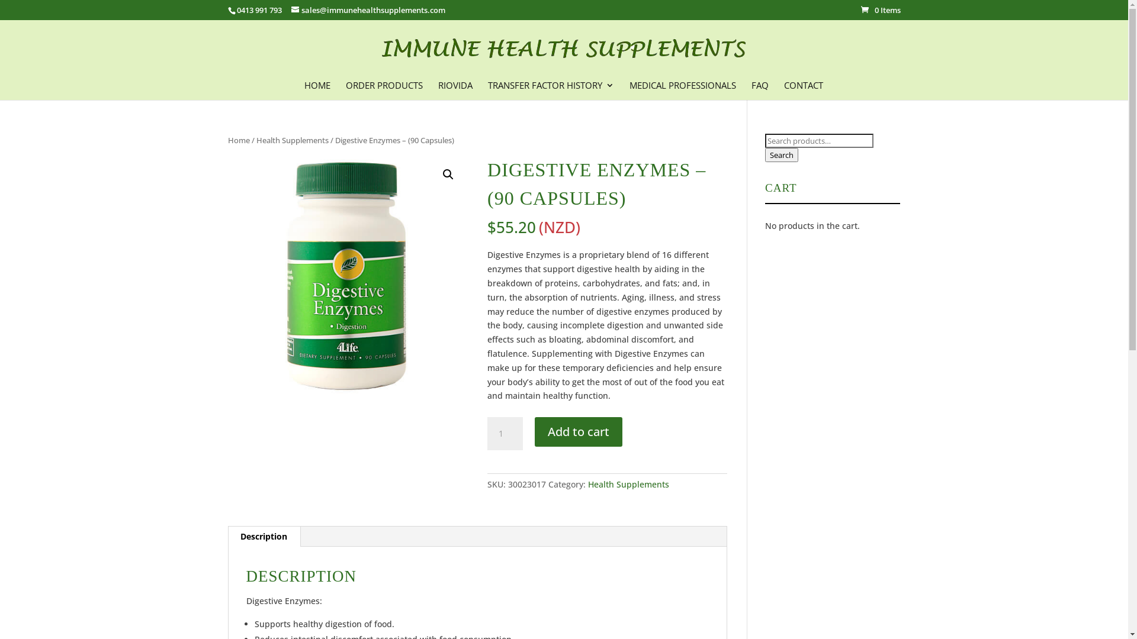  What do you see at coordinates (579, 431) in the screenshot?
I see `'Add to cart'` at bounding box center [579, 431].